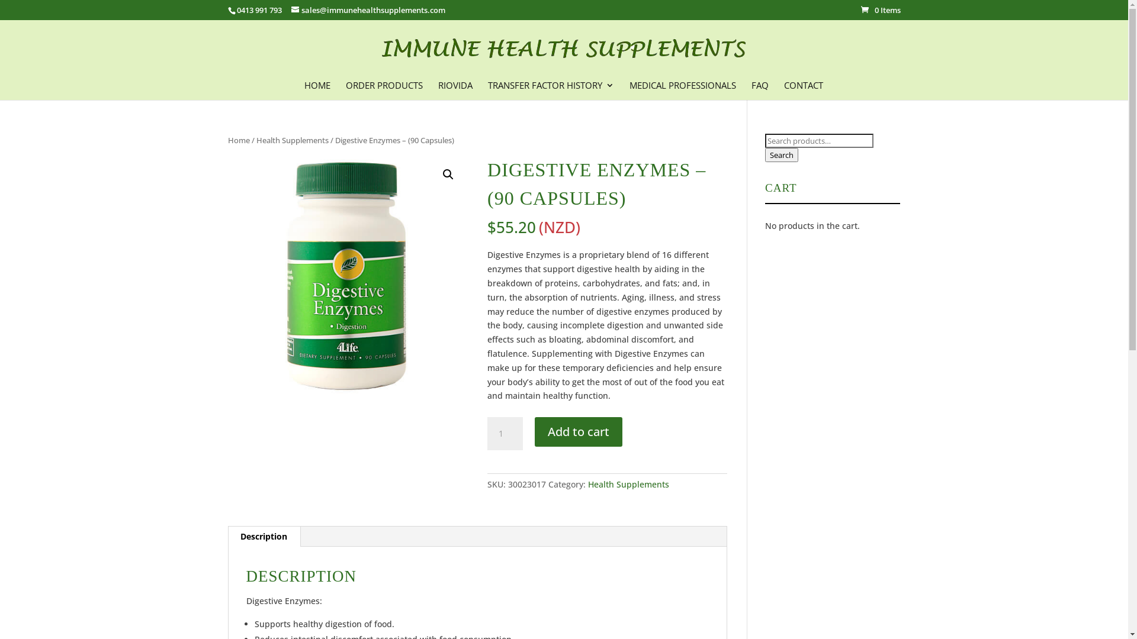  What do you see at coordinates (579, 431) in the screenshot?
I see `'Add to cart'` at bounding box center [579, 431].